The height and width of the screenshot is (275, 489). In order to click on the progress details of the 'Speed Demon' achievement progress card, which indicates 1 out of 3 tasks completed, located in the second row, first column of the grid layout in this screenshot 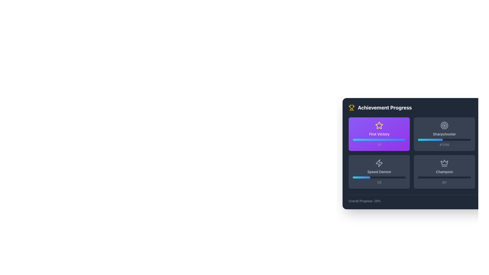, I will do `click(379, 172)`.